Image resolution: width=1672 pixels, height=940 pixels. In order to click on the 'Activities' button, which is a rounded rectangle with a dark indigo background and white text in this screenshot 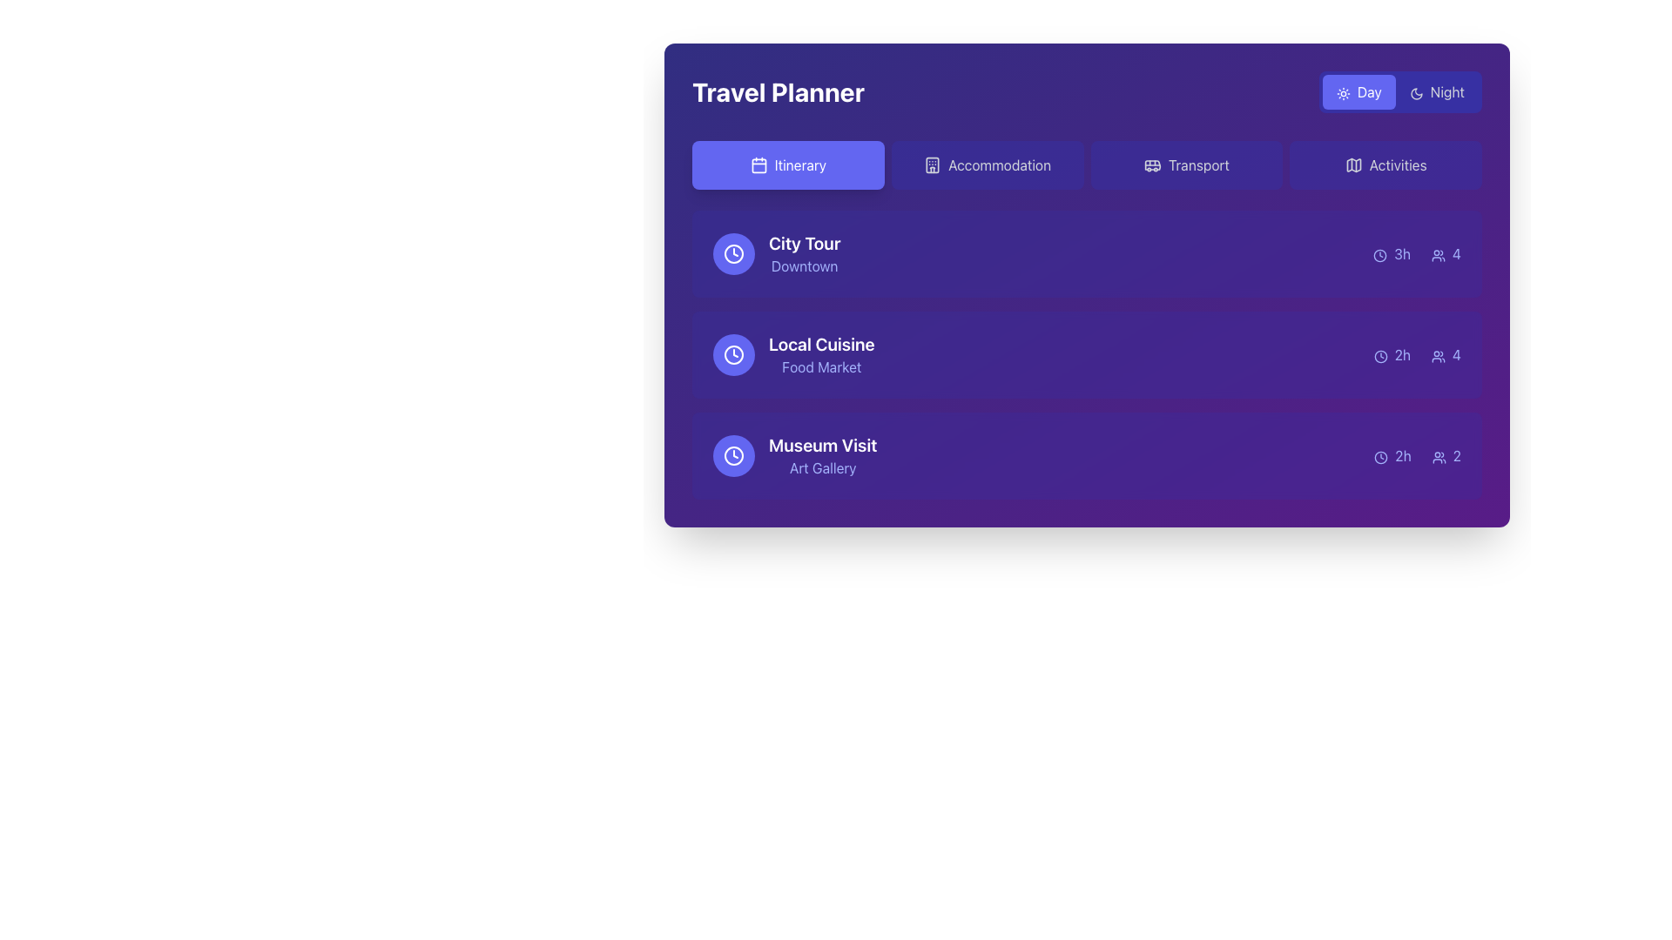, I will do `click(1385, 164)`.